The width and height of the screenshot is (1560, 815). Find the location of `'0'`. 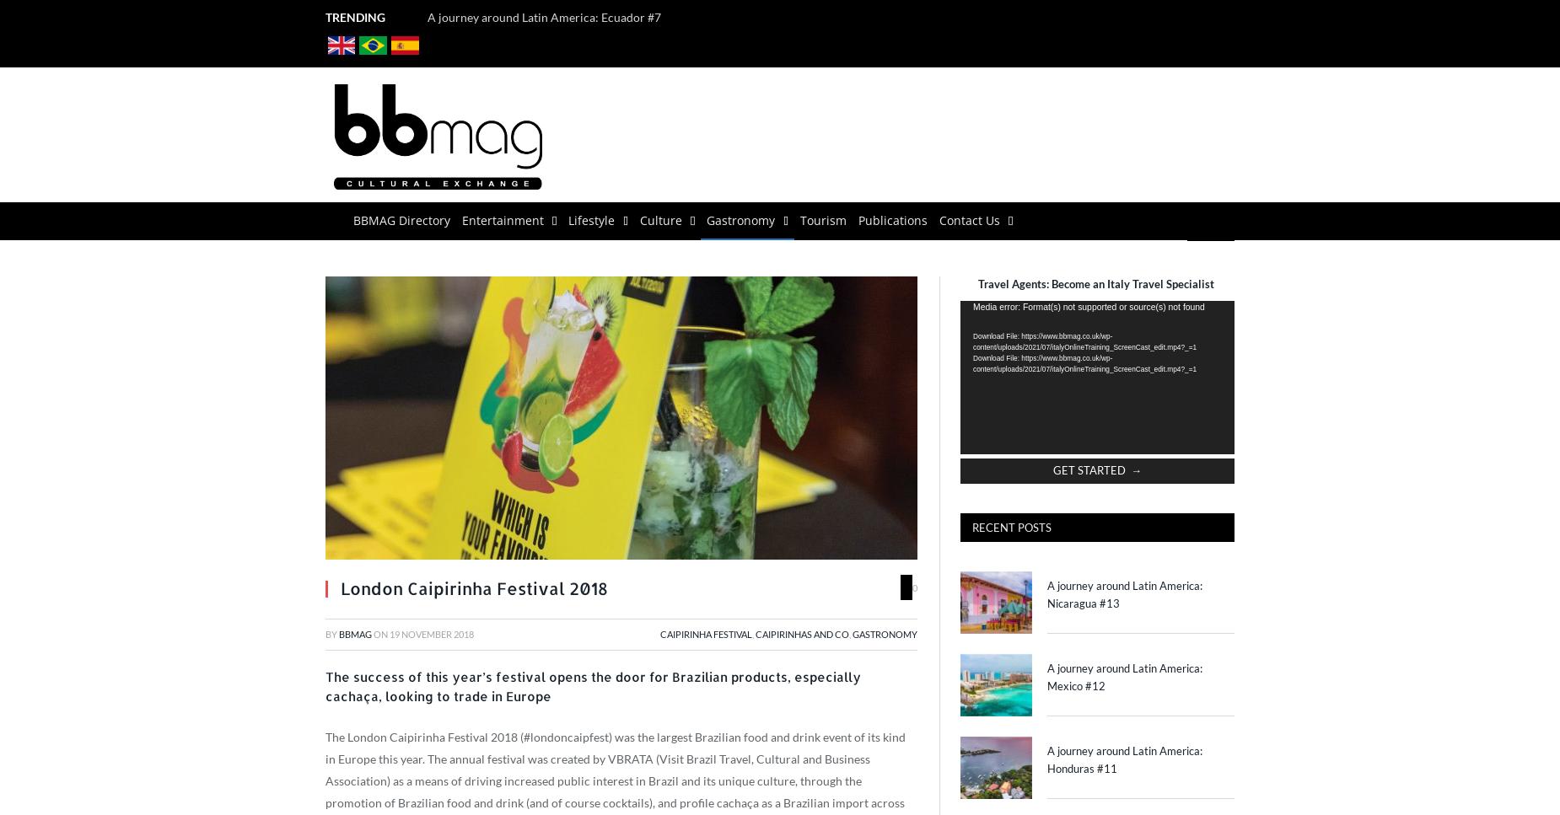

'0' is located at coordinates (912, 587).